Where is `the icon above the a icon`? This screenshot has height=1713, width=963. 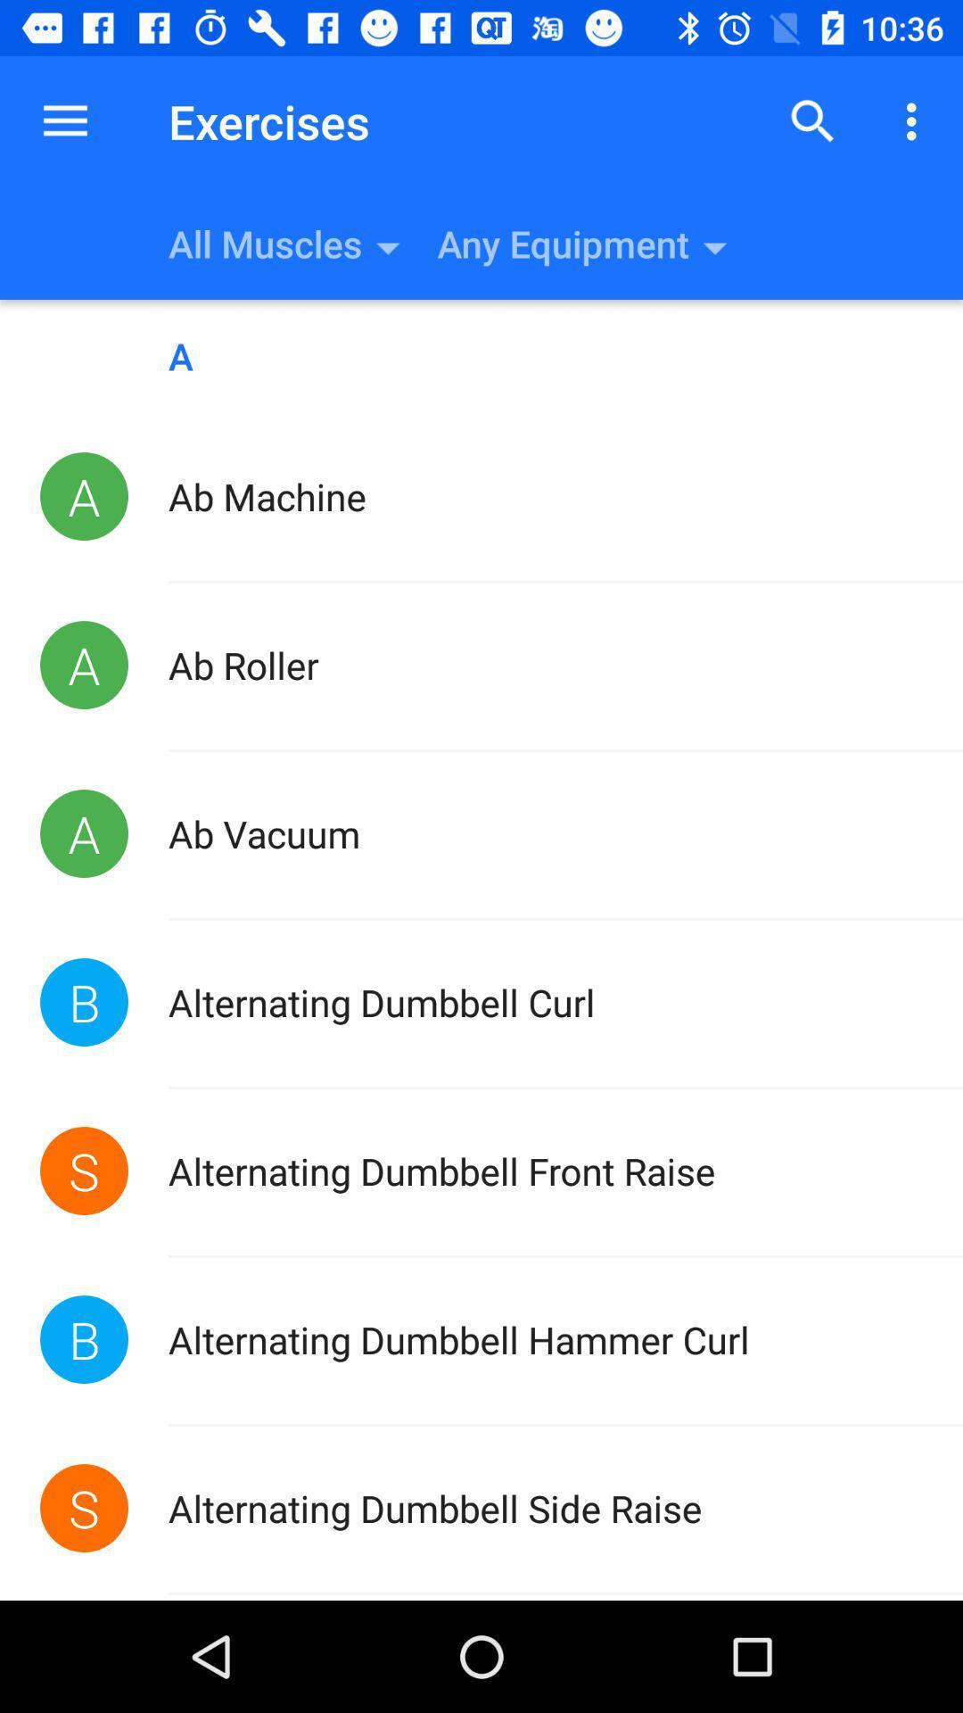
the icon above the a icon is located at coordinates (916, 120).